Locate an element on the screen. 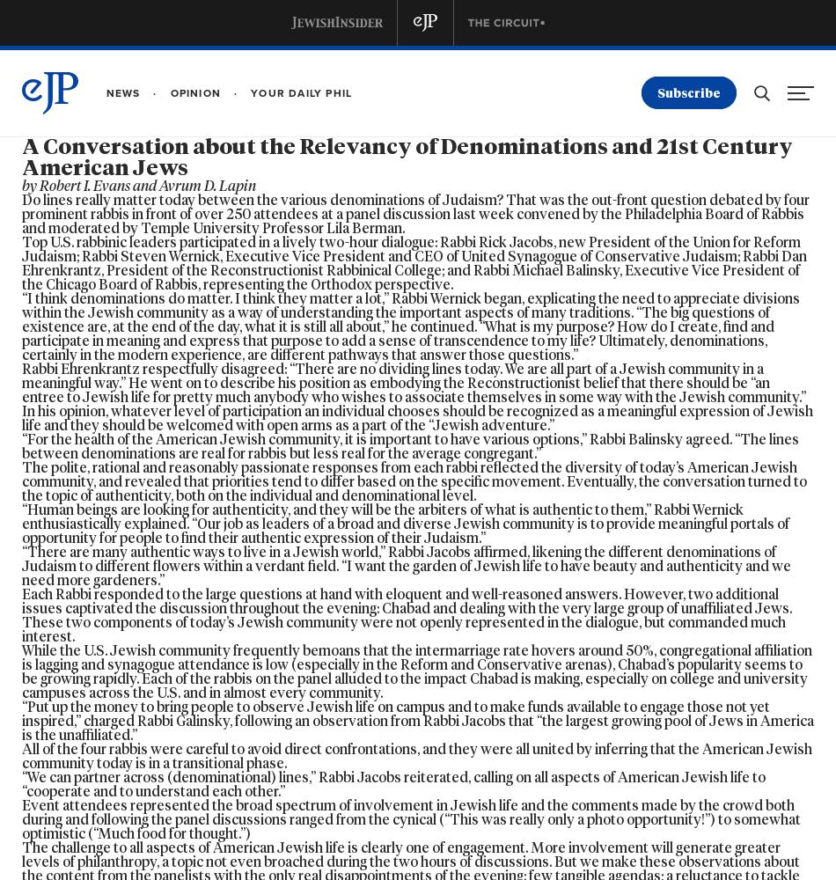 The width and height of the screenshot is (836, 880). 'Subscribe' is located at coordinates (656, 92).